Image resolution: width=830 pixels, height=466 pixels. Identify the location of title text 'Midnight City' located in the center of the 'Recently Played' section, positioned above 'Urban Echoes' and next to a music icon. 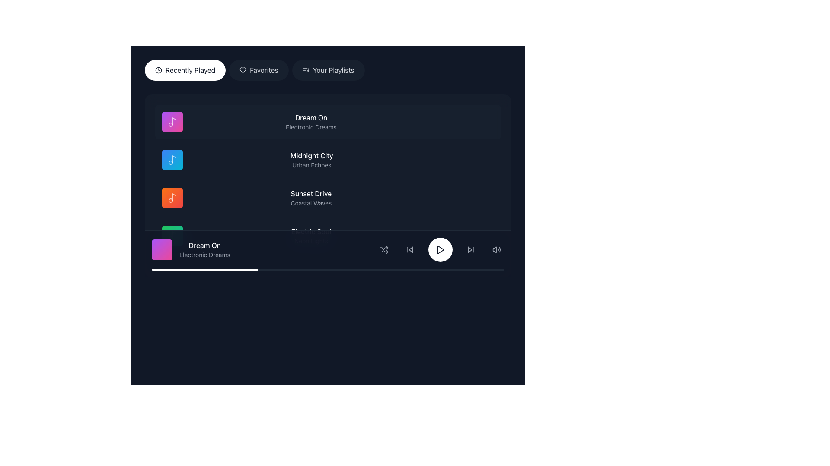
(311, 156).